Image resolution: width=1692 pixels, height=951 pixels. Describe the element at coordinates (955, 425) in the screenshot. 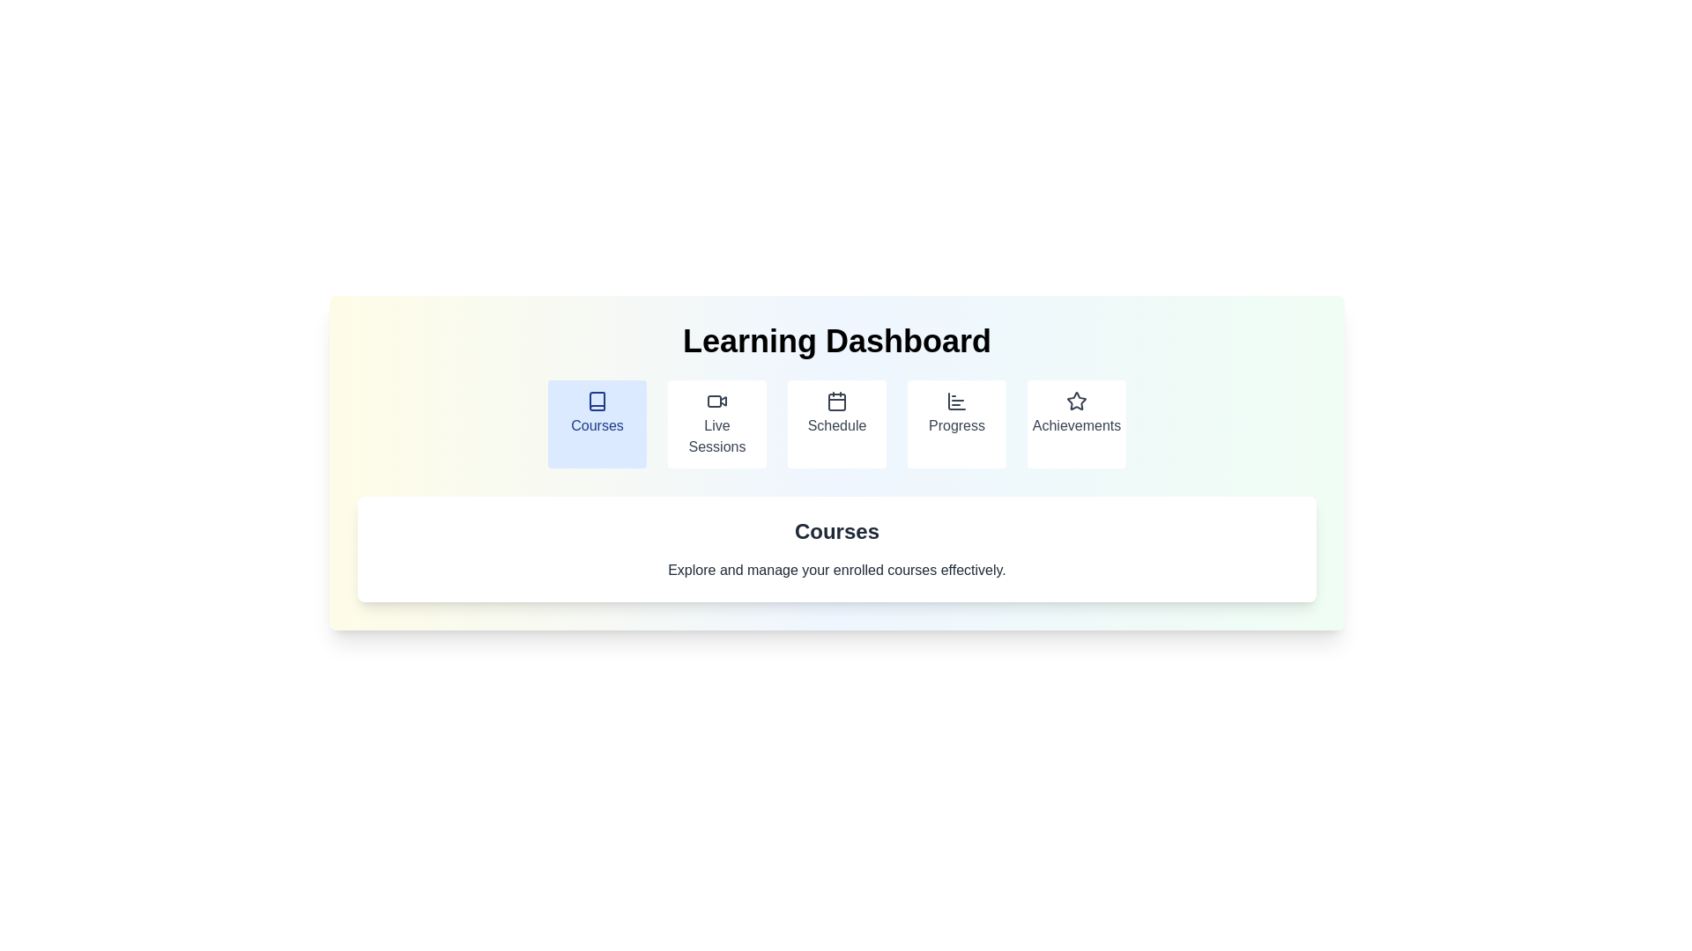

I see `text label 'Progress' displayed in gray font under the bar chart icon within the rounded white card in the menu layout` at that location.